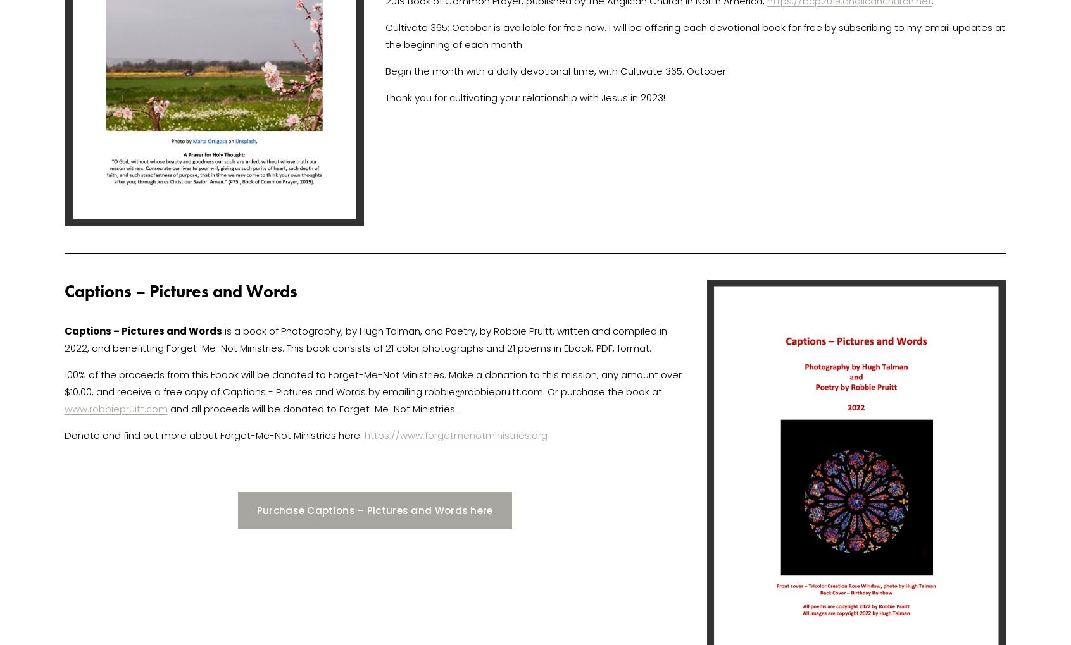 The width and height of the screenshot is (1071, 645). What do you see at coordinates (313, 408) in the screenshot?
I see `'and all proceeds will be donated to Forget-Me-Not Ministries.'` at bounding box center [313, 408].